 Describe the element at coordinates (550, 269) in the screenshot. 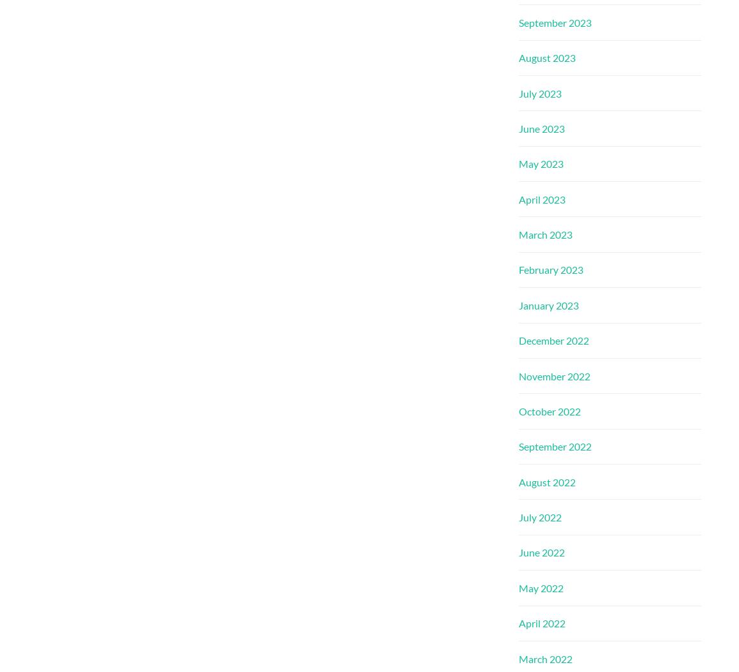

I see `'February 2023'` at that location.